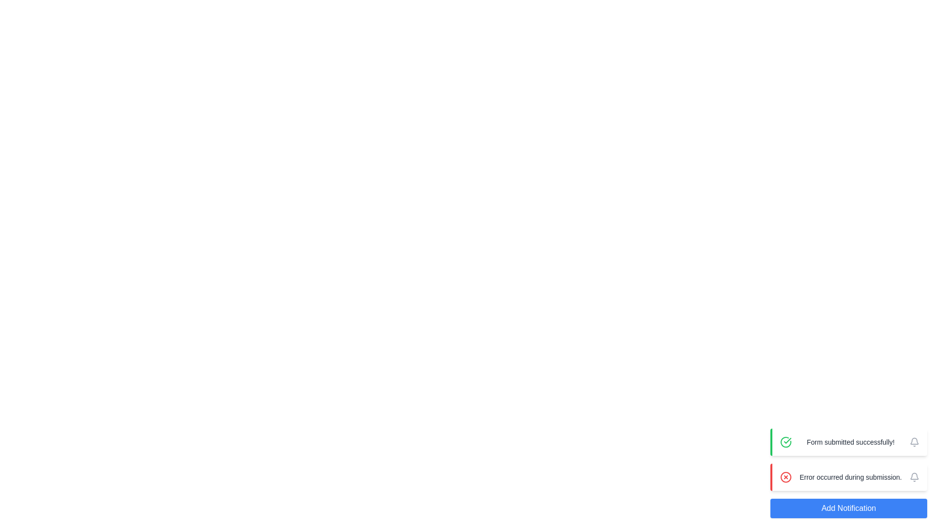  What do you see at coordinates (848, 508) in the screenshot?
I see `the 'Add Notification' button to add a new notification` at bounding box center [848, 508].